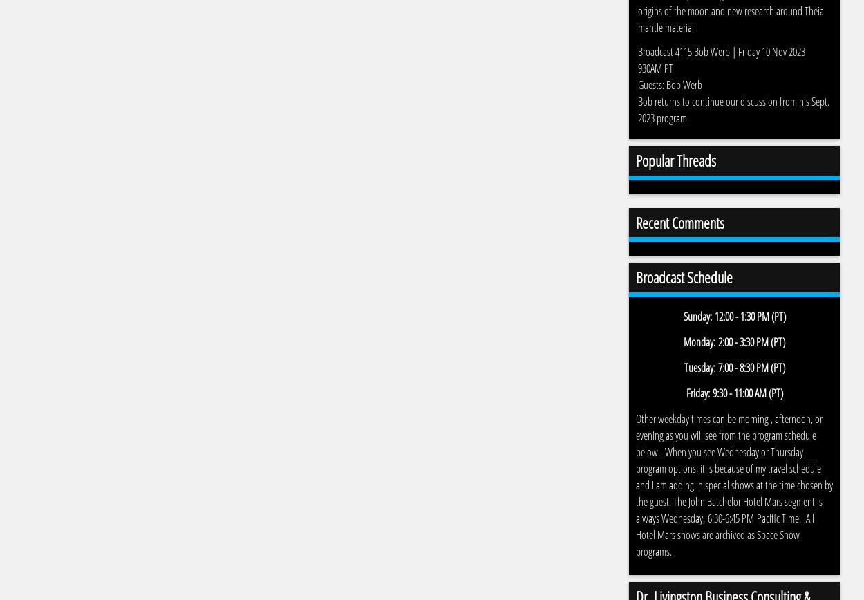 The image size is (864, 600). Describe the element at coordinates (675, 160) in the screenshot. I see `'Popular Threads'` at that location.